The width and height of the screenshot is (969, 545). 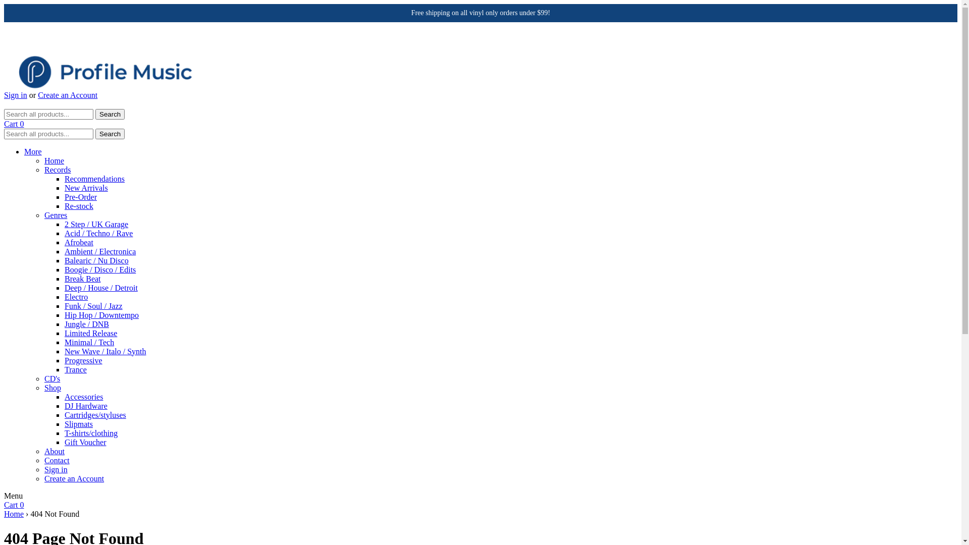 I want to click on 'New Arrivals', so click(x=86, y=188).